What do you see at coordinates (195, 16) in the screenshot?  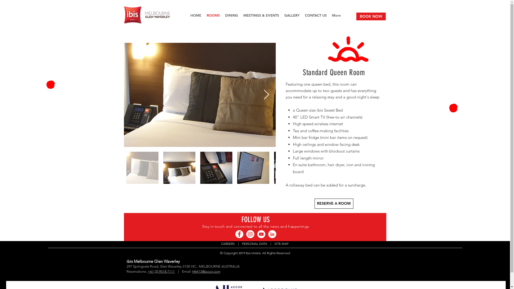 I see `'HOME'` at bounding box center [195, 16].